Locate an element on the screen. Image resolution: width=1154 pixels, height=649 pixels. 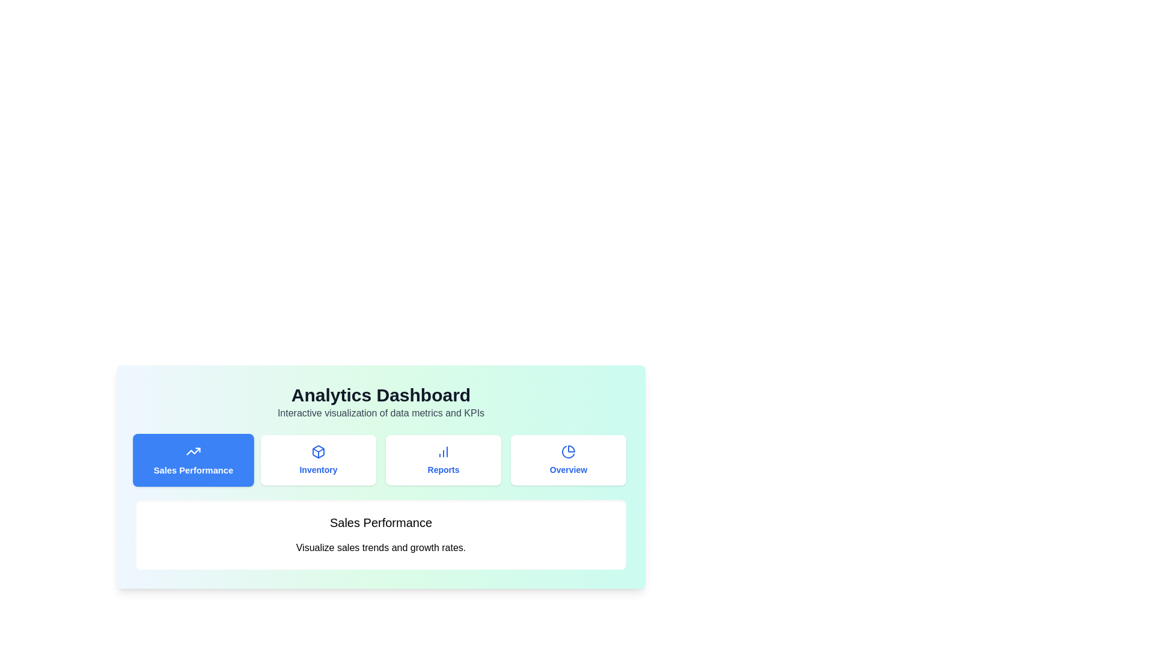
the tab labeled Reports is located at coordinates (443, 460).